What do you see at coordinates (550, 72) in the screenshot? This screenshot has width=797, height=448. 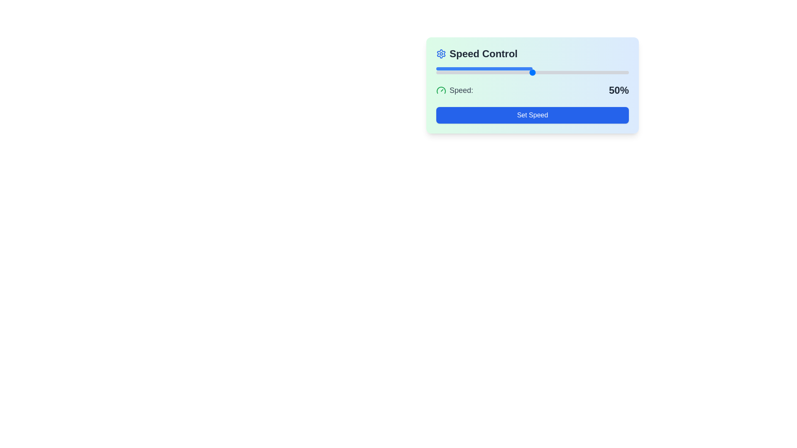 I see `the slider` at bounding box center [550, 72].